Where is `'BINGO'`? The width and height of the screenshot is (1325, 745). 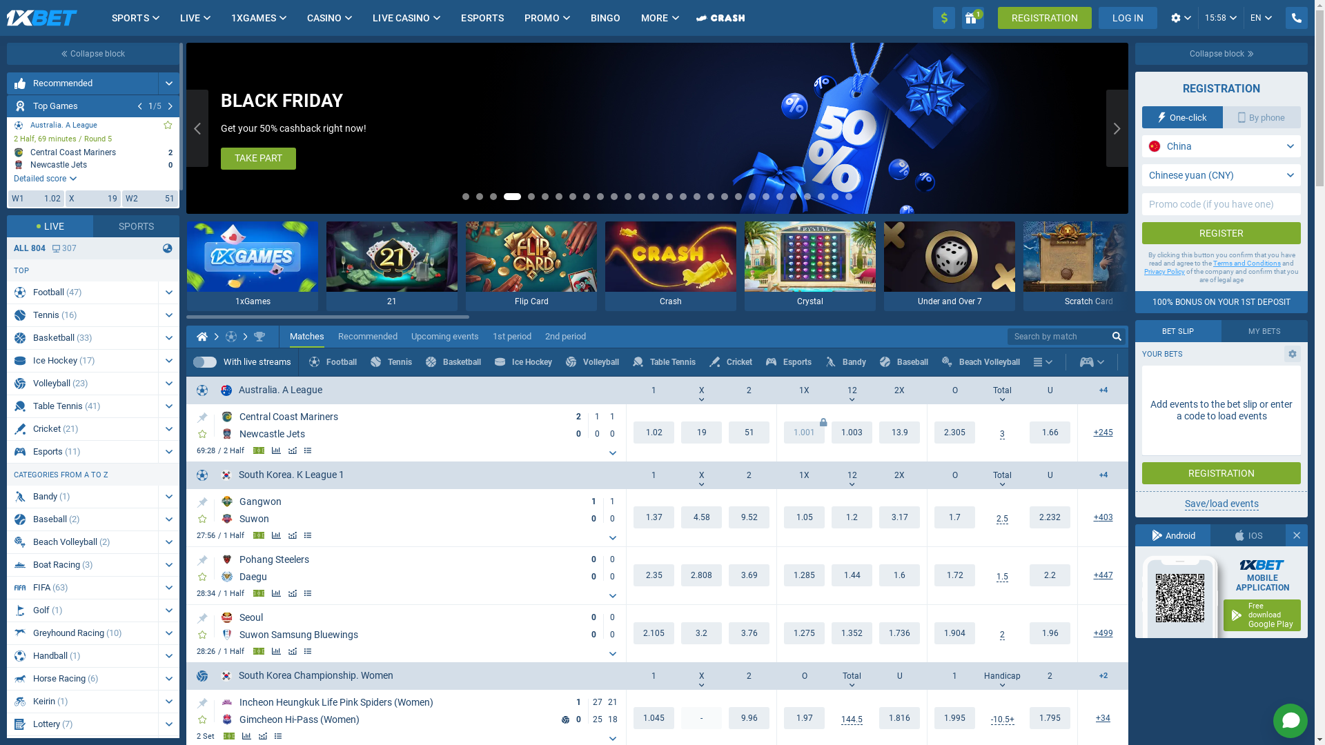 'BINGO' is located at coordinates (606, 18).